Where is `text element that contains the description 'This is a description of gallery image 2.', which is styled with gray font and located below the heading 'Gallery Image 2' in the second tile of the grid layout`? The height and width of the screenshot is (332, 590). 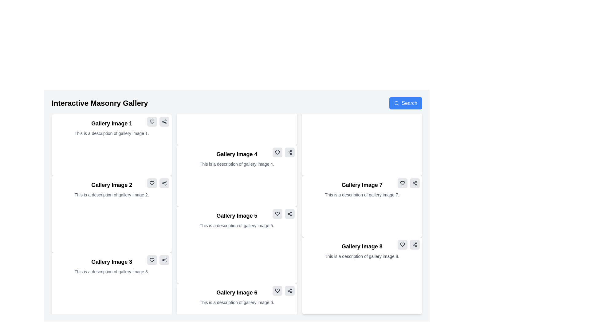 text element that contains the description 'This is a description of gallery image 2.', which is styled with gray font and located below the heading 'Gallery Image 2' in the second tile of the grid layout is located at coordinates (112, 195).